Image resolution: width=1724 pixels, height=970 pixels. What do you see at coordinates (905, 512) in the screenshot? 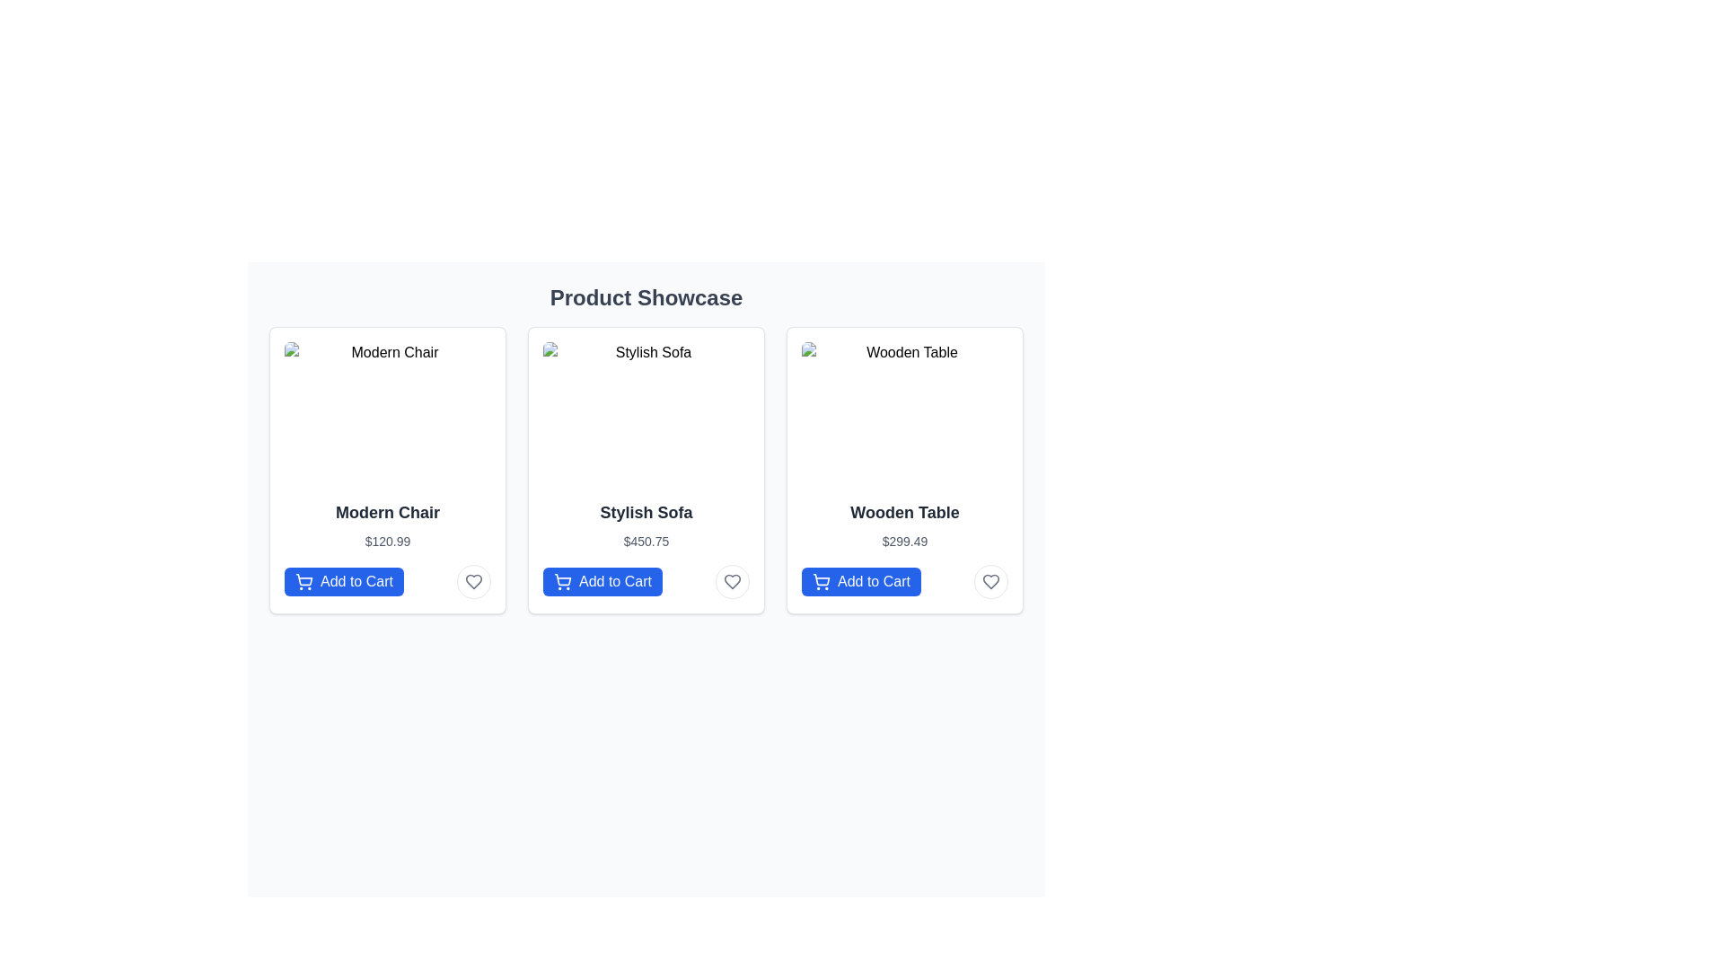
I see `the 'Wooden Table' text label, which is displayed in a bold font and dark gray color, located in the third card of the grid layout, positioned between the product image and the price label` at bounding box center [905, 512].